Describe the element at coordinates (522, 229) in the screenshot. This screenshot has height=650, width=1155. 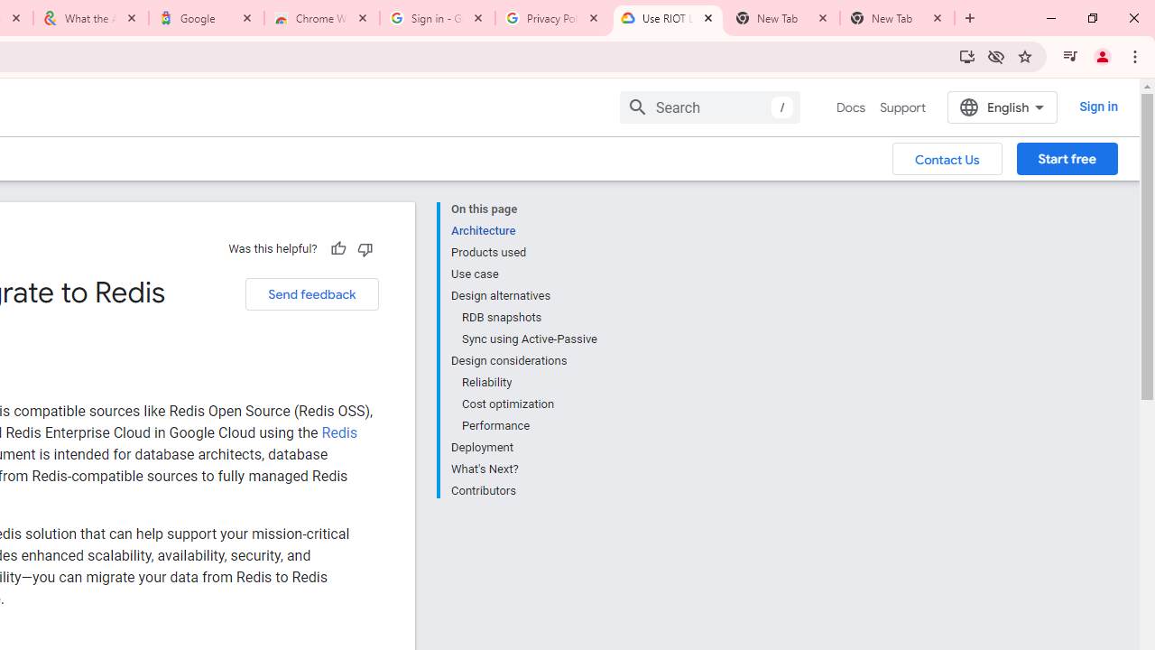
I see `'Architecture'` at that location.